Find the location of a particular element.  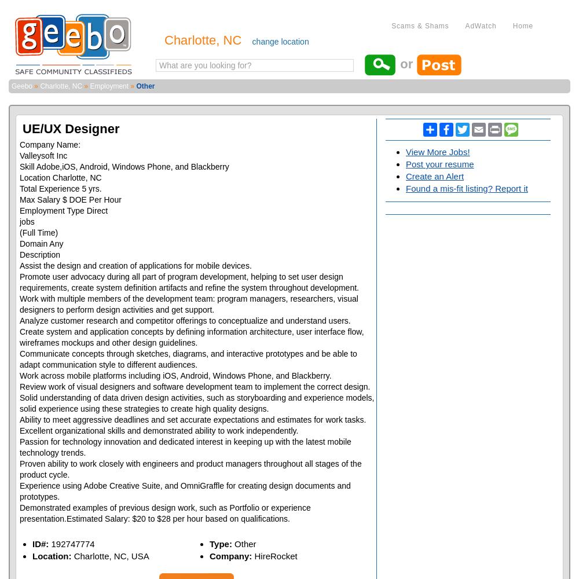

'Review work of visual designers and software development team to implement the correct design.' is located at coordinates (194, 387).